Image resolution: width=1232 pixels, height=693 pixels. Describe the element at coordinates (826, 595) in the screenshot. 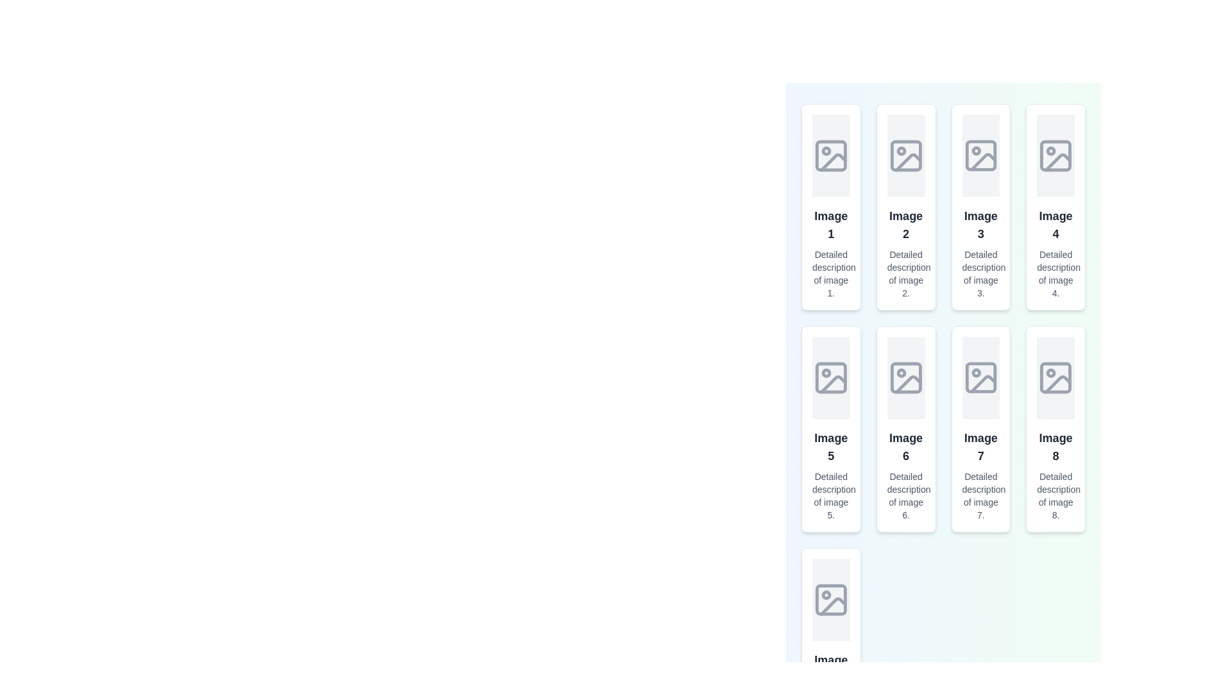

I see `the small dot within the picture icon located in the first column and third row of the grid layout` at that location.